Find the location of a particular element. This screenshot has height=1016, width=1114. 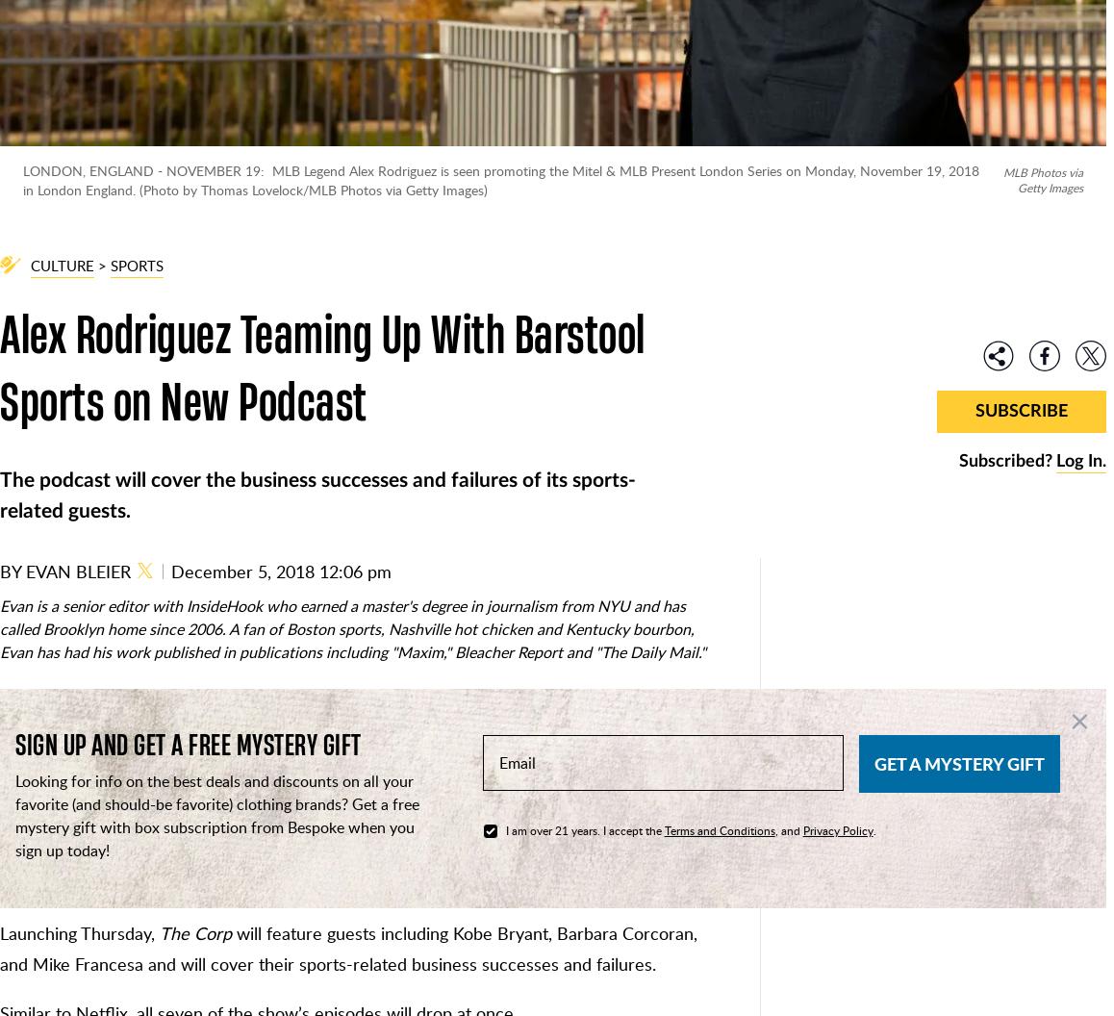

'Evan is a senior editor with InsideHook who earned a master's degree in journalism from NYU and has called Brooklyn home since 2006. A fan of Boston sports, Nashville hot chicken and Kentucky bourbon, Evan has had his work published in publications including "Maxim," Bleacher Report and "The Daily Mail."' is located at coordinates (351, 627).